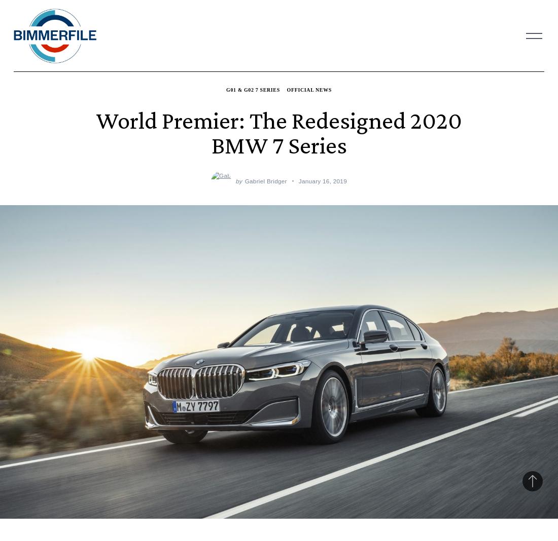  What do you see at coordinates (279, 132) in the screenshot?
I see `'World Premier: The Redesigned 2020 BMW 7 Series'` at bounding box center [279, 132].